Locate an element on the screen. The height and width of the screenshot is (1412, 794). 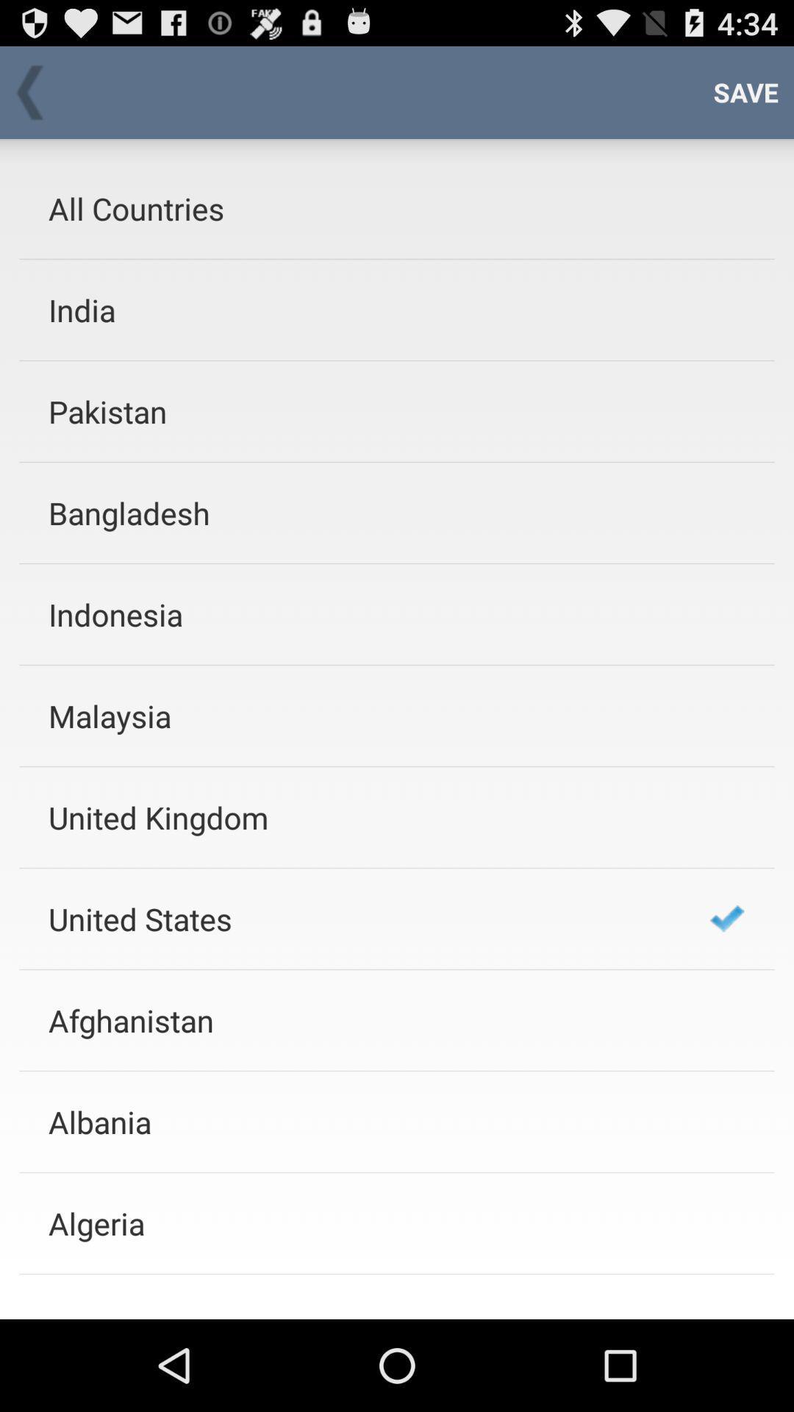
the item below the save icon is located at coordinates (726, 918).